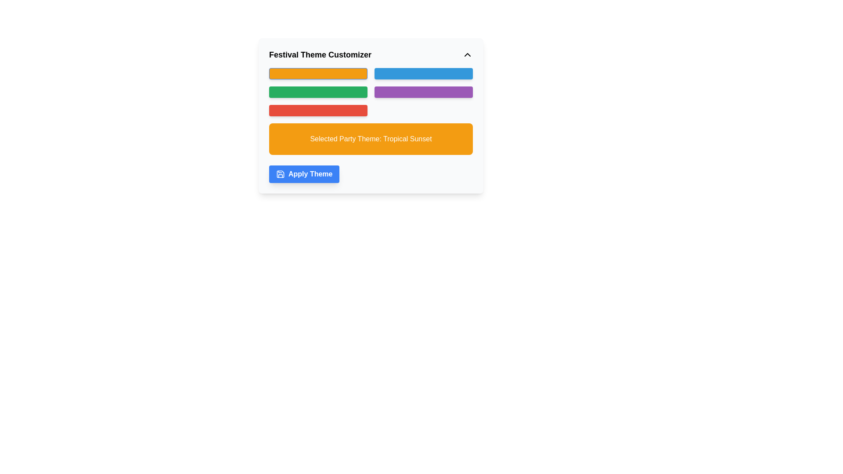 Image resolution: width=843 pixels, height=474 pixels. I want to click on the 'Apply Theme' button containing the save icon, which is located at the bottom of the Festival Theme Customizer card, so click(280, 174).